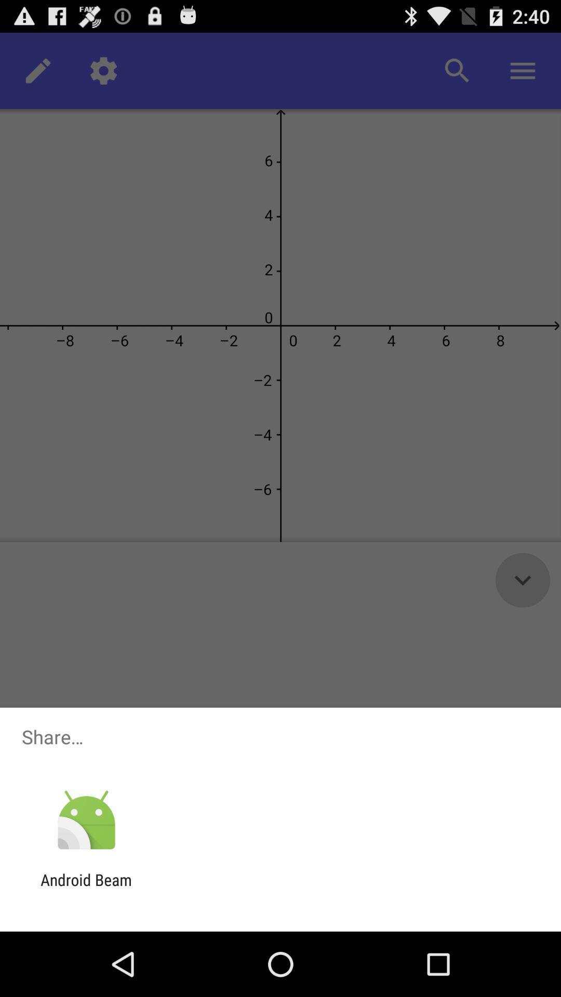 This screenshot has width=561, height=997. What do you see at coordinates (86, 888) in the screenshot?
I see `the android beam icon` at bounding box center [86, 888].